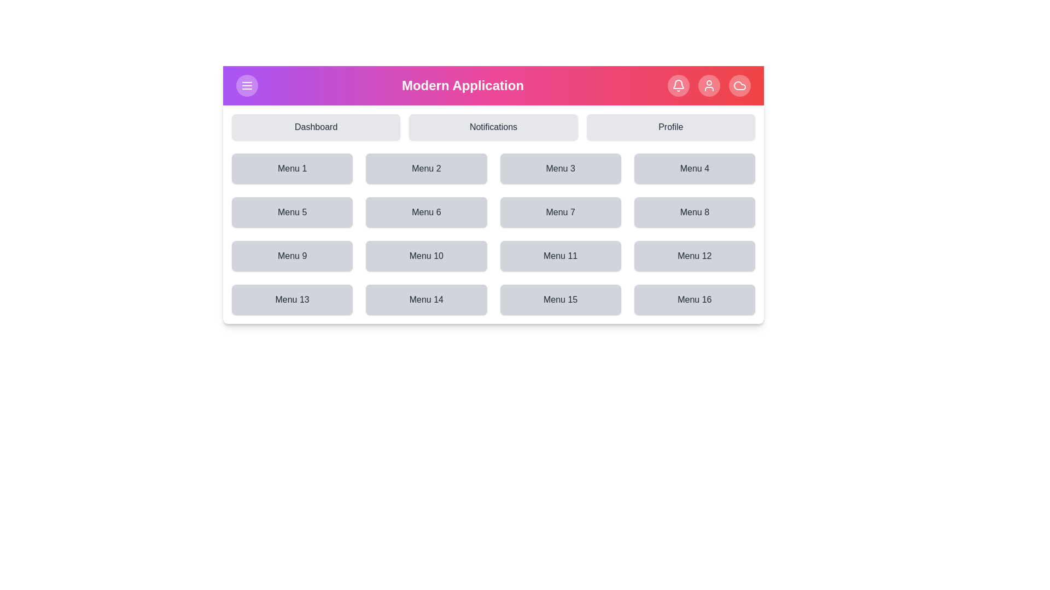 The height and width of the screenshot is (590, 1050). I want to click on the Cloud icon in the top navigation bar, so click(740, 85).